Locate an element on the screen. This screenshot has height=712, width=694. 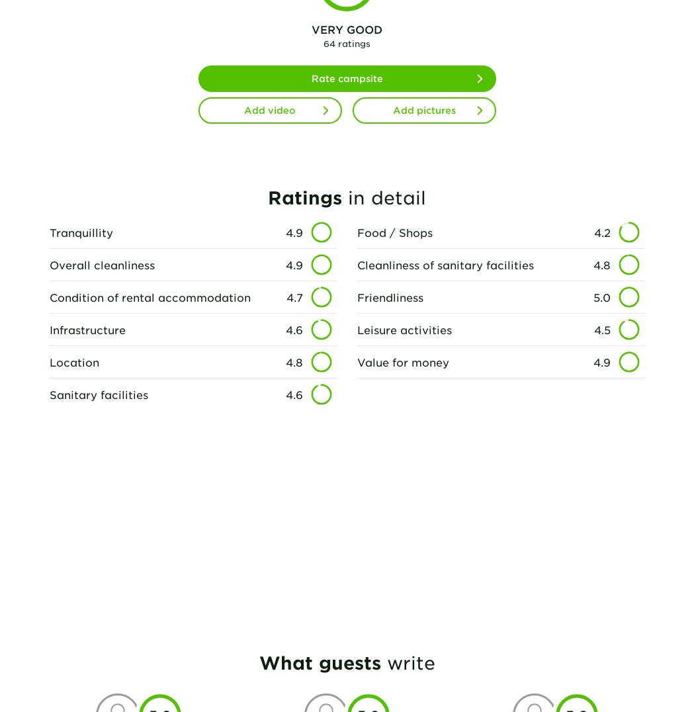
'4.7' is located at coordinates (293, 296).